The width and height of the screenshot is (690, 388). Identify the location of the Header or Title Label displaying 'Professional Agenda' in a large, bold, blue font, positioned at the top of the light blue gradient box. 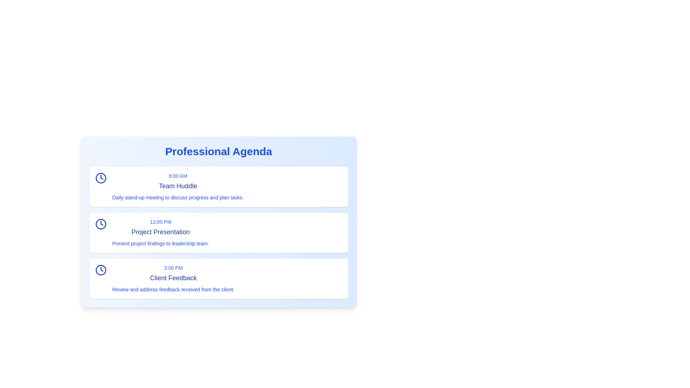
(218, 151).